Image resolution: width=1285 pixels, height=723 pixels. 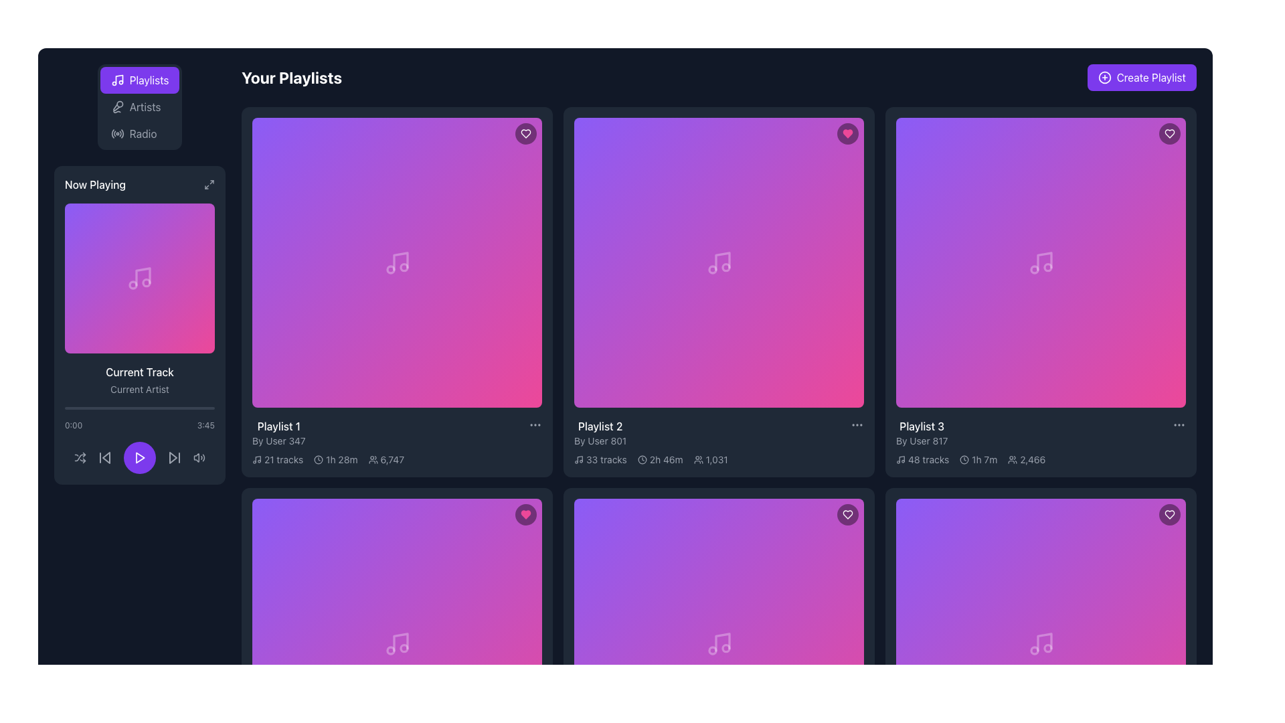 What do you see at coordinates (1169, 513) in the screenshot?
I see `the heart-shaped SVG icon` at bounding box center [1169, 513].